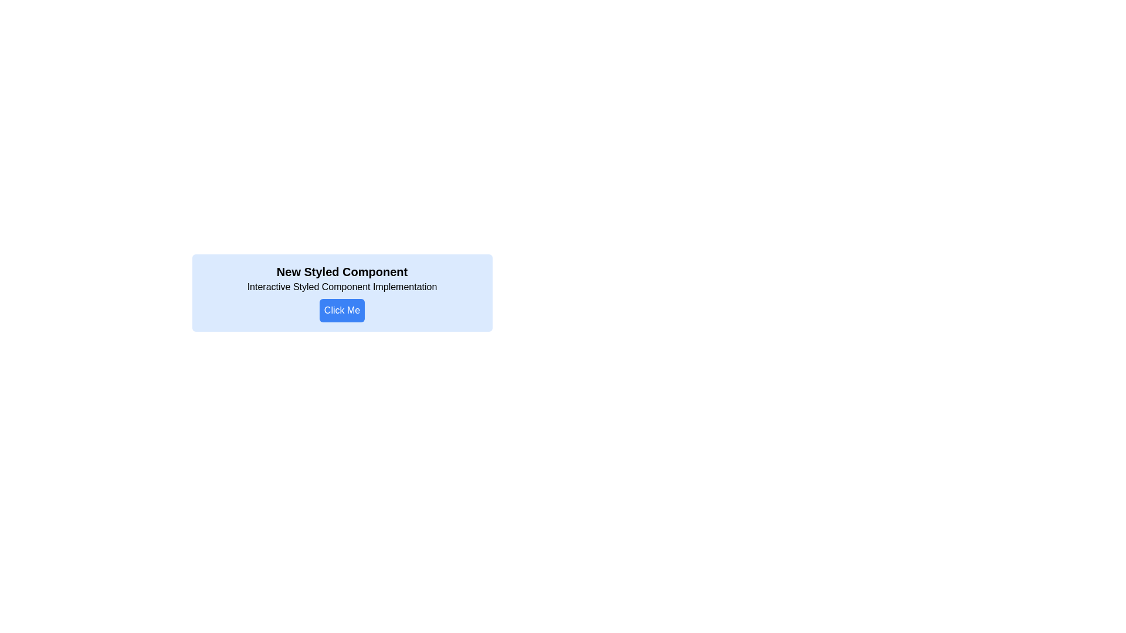 The image size is (1126, 633). Describe the element at coordinates (341, 287) in the screenshot. I see `the text label reading 'Interactive Styled Component Implementation' that is located below the title 'New Styled Component' and above the button labeled 'Click Me'` at that location.